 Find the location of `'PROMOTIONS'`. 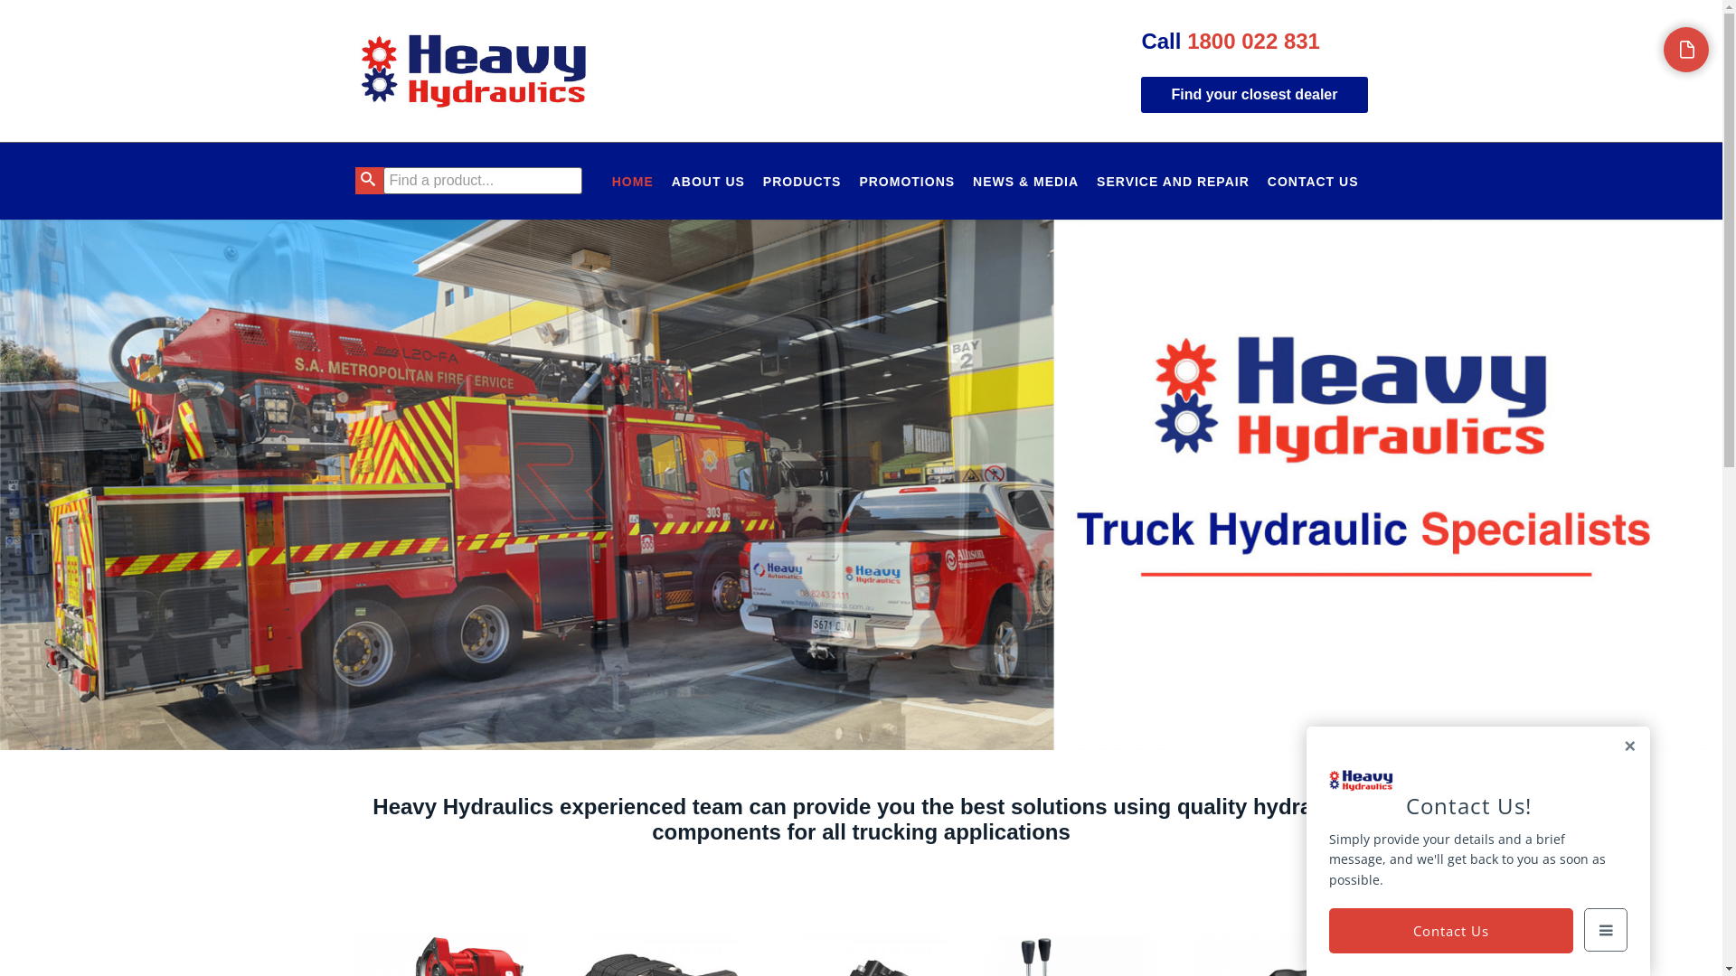

'PROMOTIONS' is located at coordinates (907, 181).